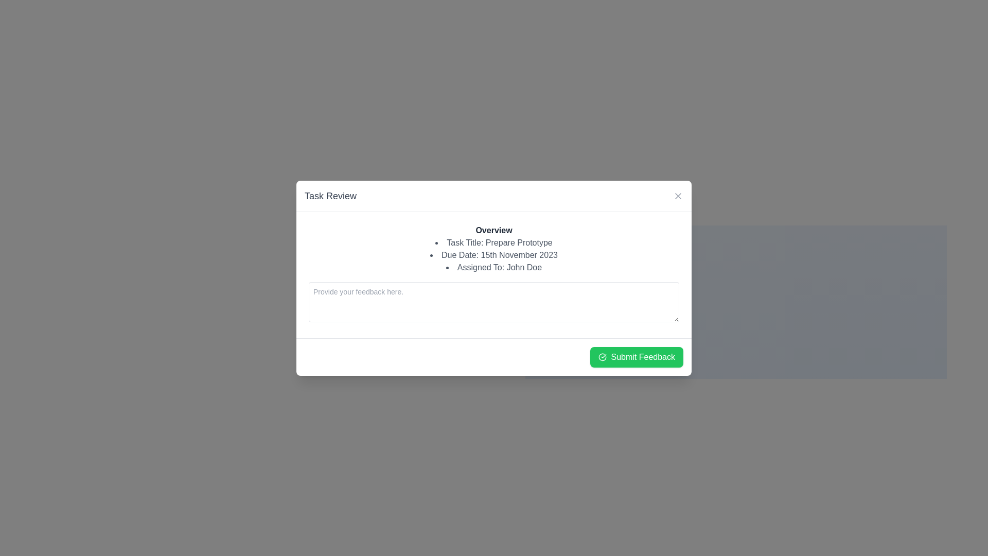 The image size is (988, 556). Describe the element at coordinates (678, 196) in the screenshot. I see `the close button located at the top-right corner of the modal dialog to change its color` at that location.